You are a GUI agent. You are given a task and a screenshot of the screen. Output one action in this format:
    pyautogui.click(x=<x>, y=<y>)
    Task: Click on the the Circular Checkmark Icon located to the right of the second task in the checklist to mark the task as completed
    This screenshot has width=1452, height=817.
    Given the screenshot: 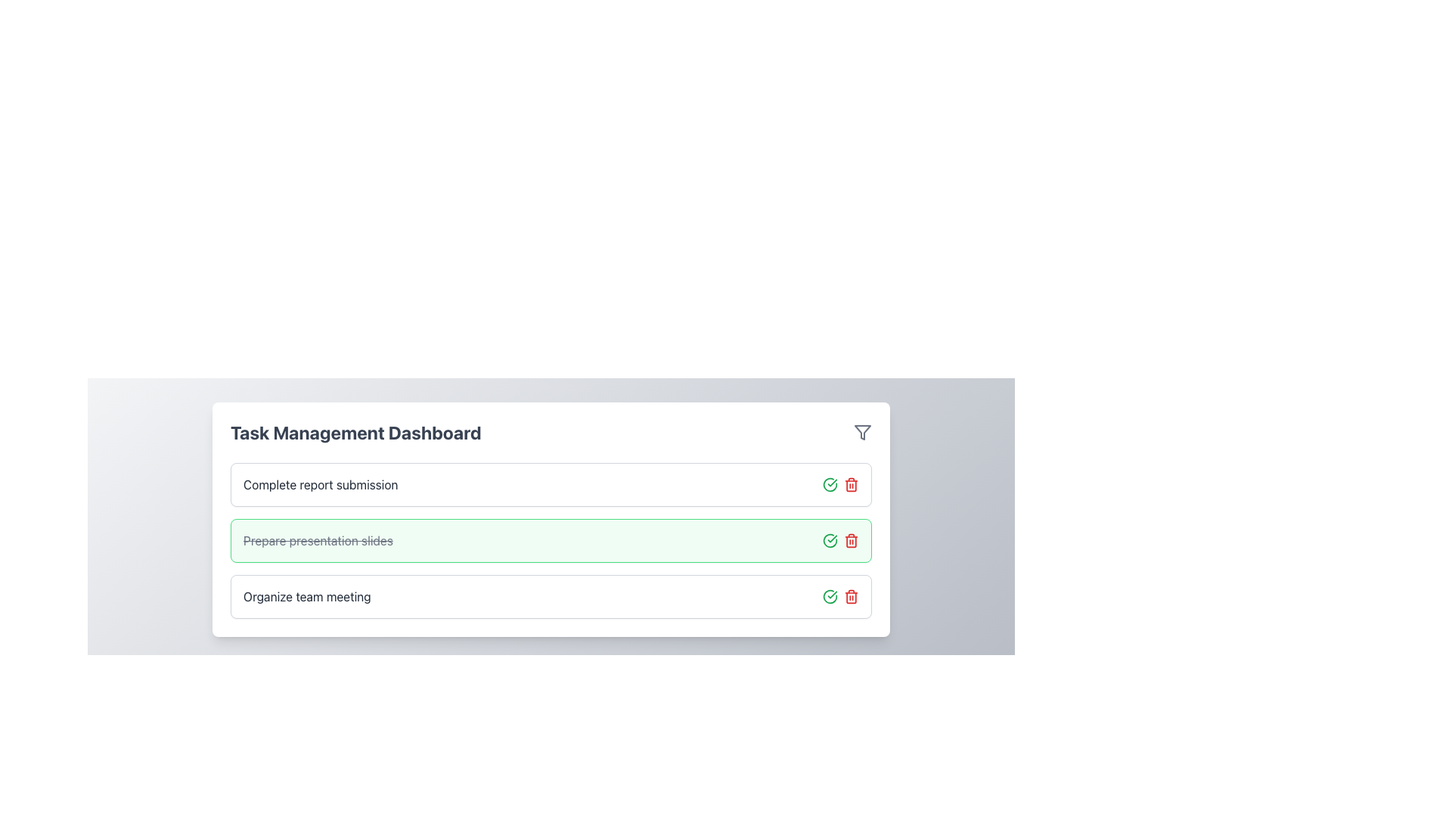 What is the action you would take?
    pyautogui.click(x=830, y=484)
    